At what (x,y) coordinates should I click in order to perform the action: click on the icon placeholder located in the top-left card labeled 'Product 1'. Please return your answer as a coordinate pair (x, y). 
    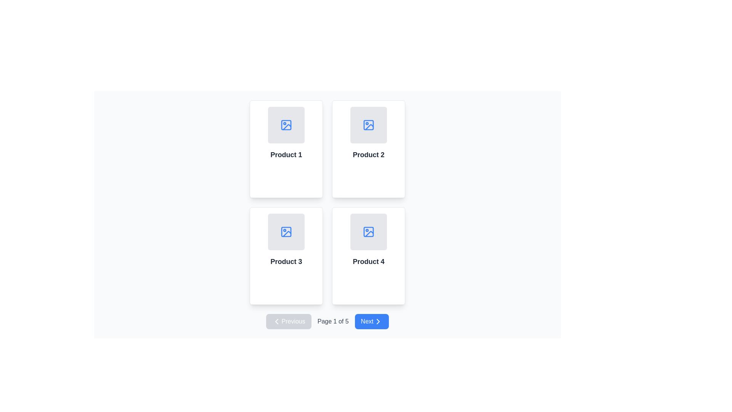
    Looking at the image, I should click on (286, 124).